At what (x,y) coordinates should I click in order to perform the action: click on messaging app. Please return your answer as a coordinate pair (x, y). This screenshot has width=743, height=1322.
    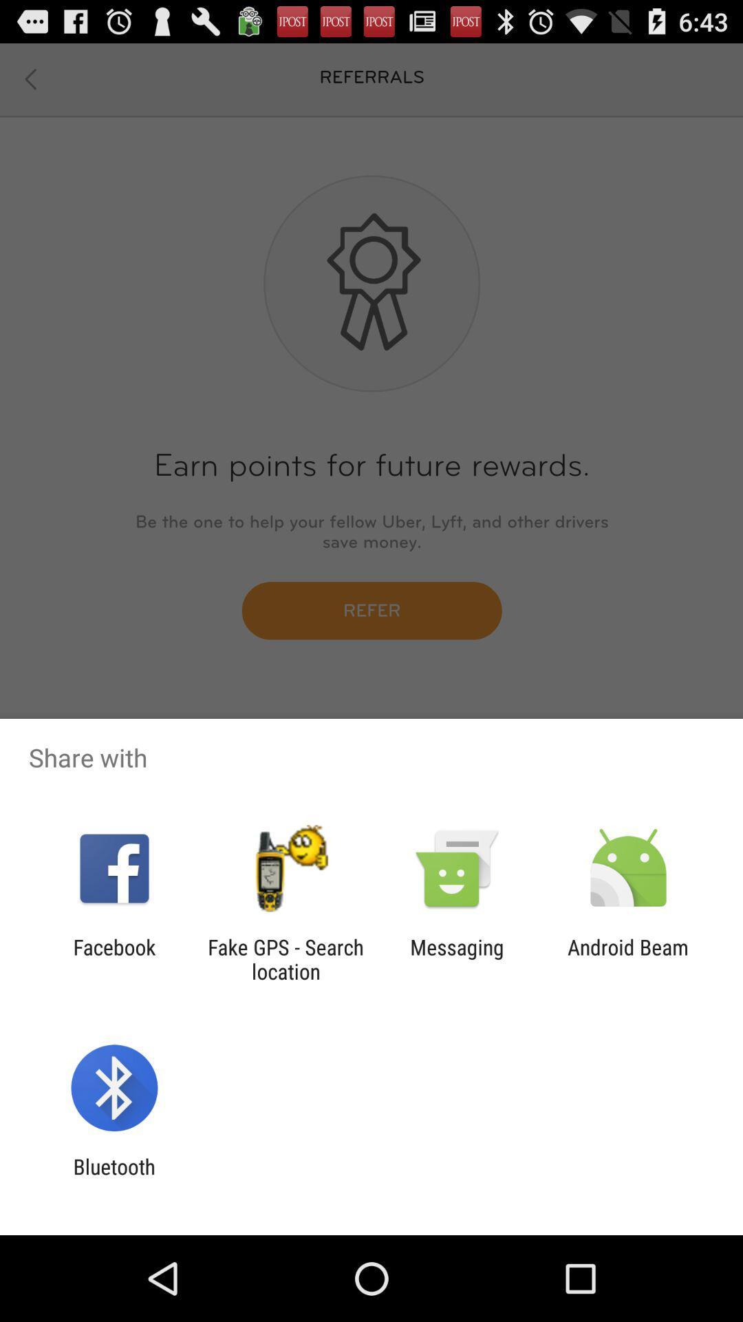
    Looking at the image, I should click on (457, 958).